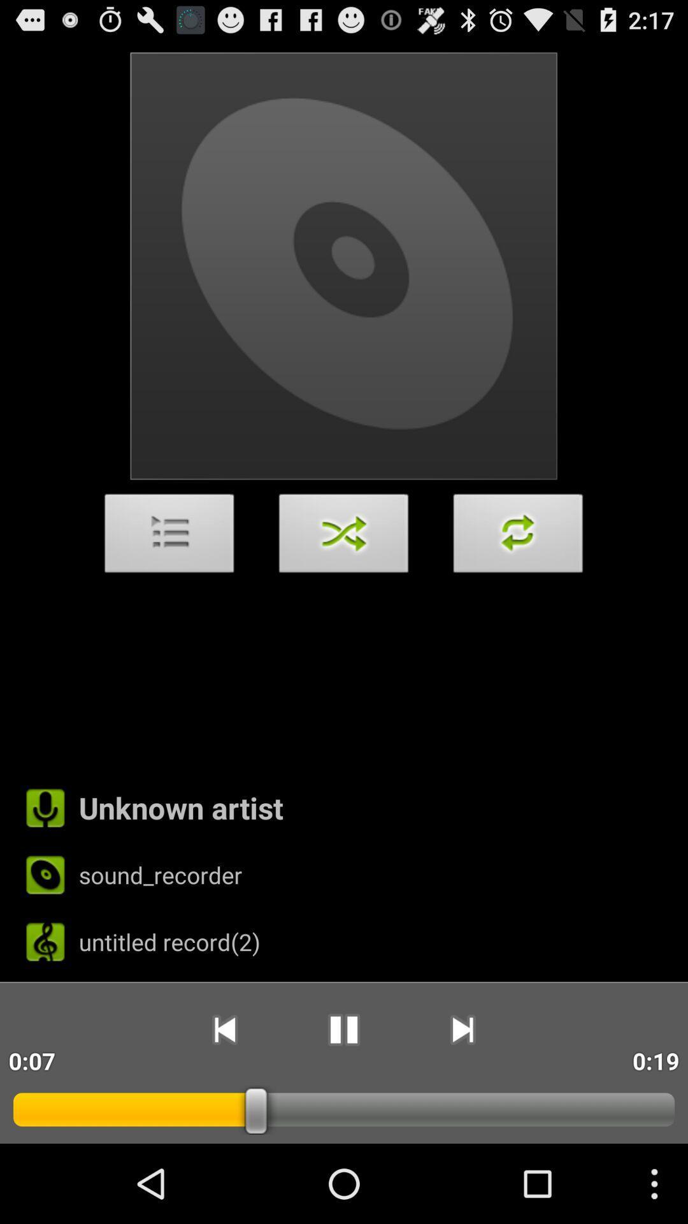  I want to click on the pause icon, so click(343, 1101).